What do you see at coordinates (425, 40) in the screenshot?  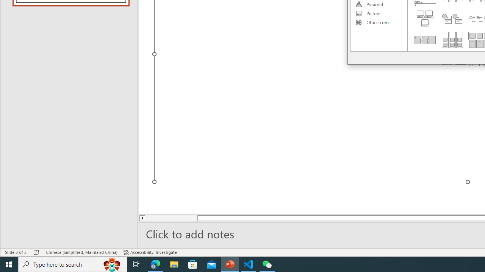 I see `'Detailed Process'` at bounding box center [425, 40].